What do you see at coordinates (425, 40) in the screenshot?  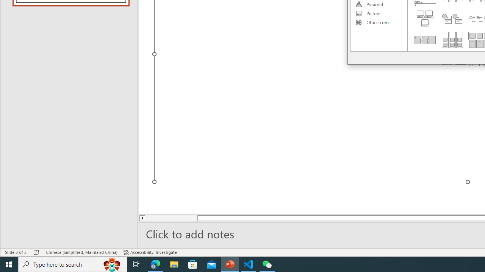 I see `'Detailed Process'` at bounding box center [425, 40].